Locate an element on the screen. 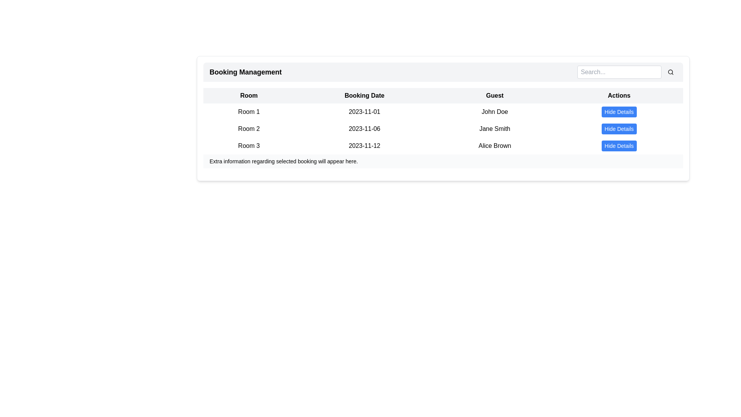  the 'Hide Details' button, which is a rectangular button with white text on a blue background, located in the last column of the first row under the 'Actions' header is located at coordinates (619, 112).